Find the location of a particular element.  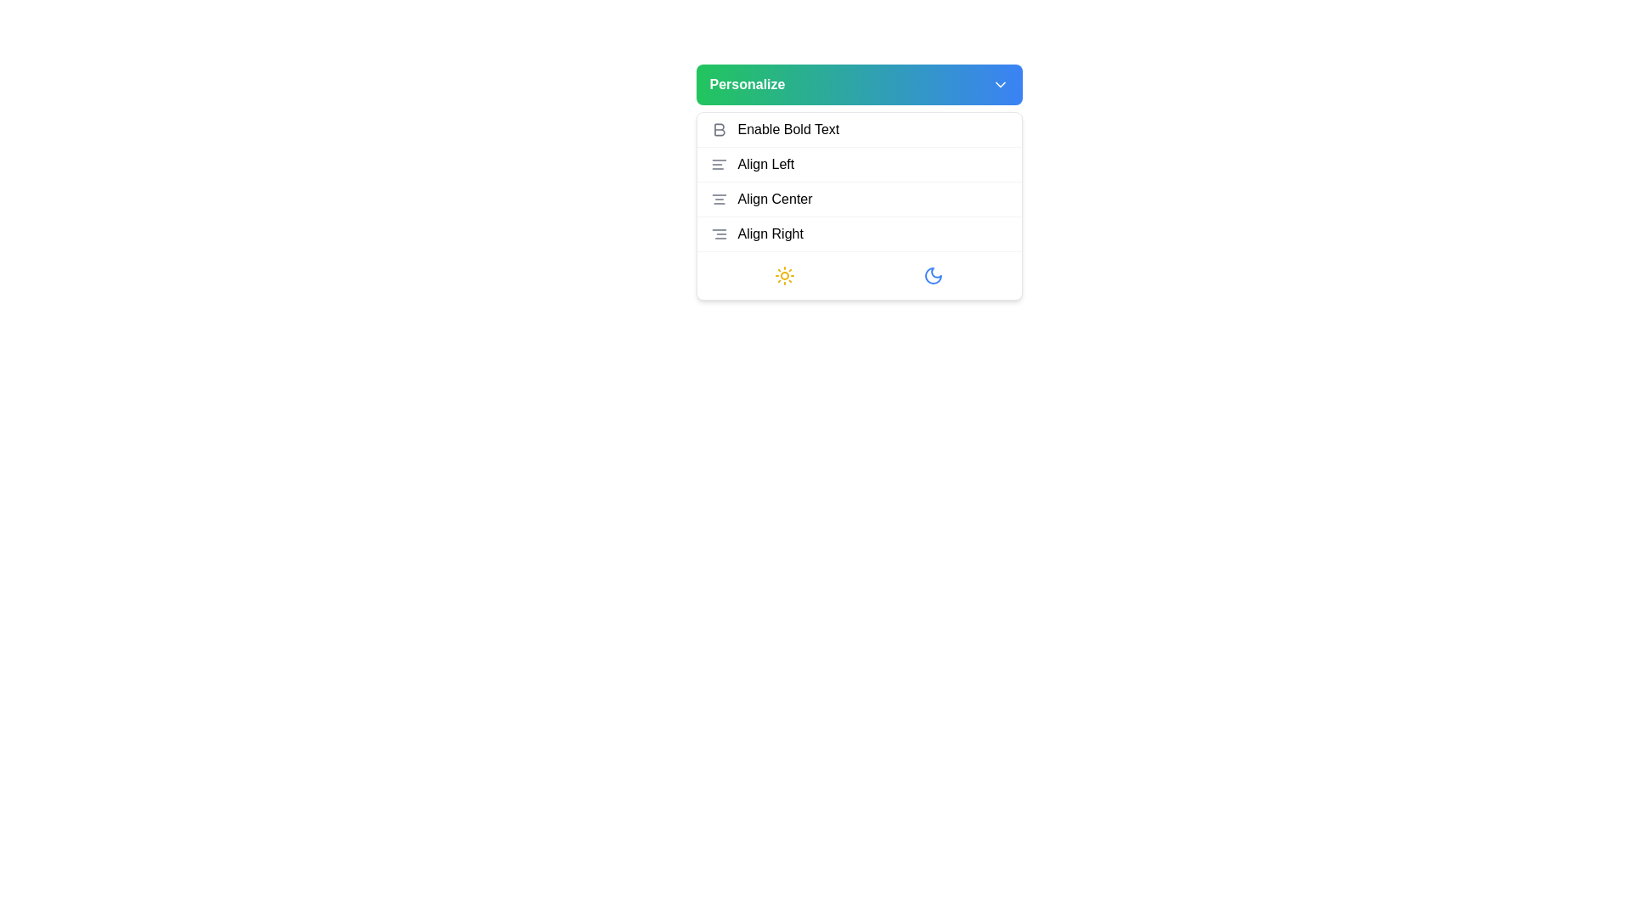

the gray 'Align Left' icon, which consists of three horizontal lines of varying lengths is located at coordinates (719, 164).